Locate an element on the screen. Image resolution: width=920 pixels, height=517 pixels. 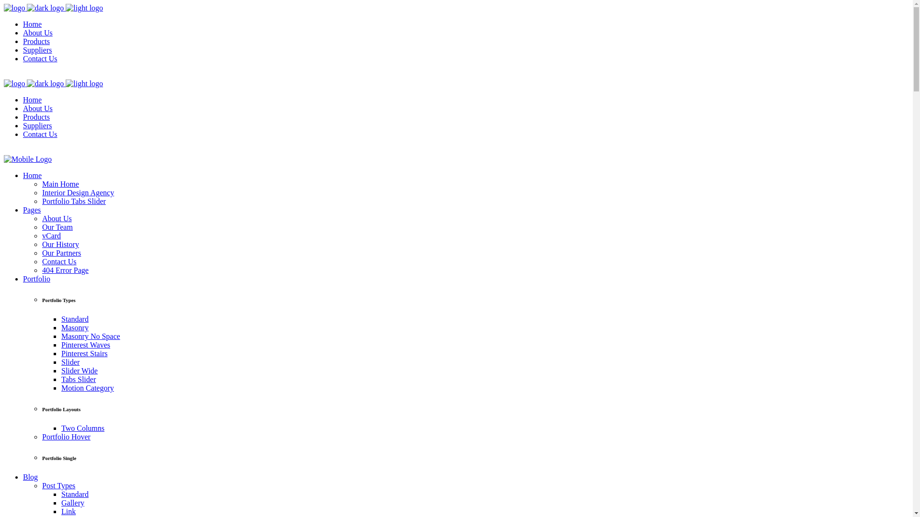
'Main Home' is located at coordinates (60, 184).